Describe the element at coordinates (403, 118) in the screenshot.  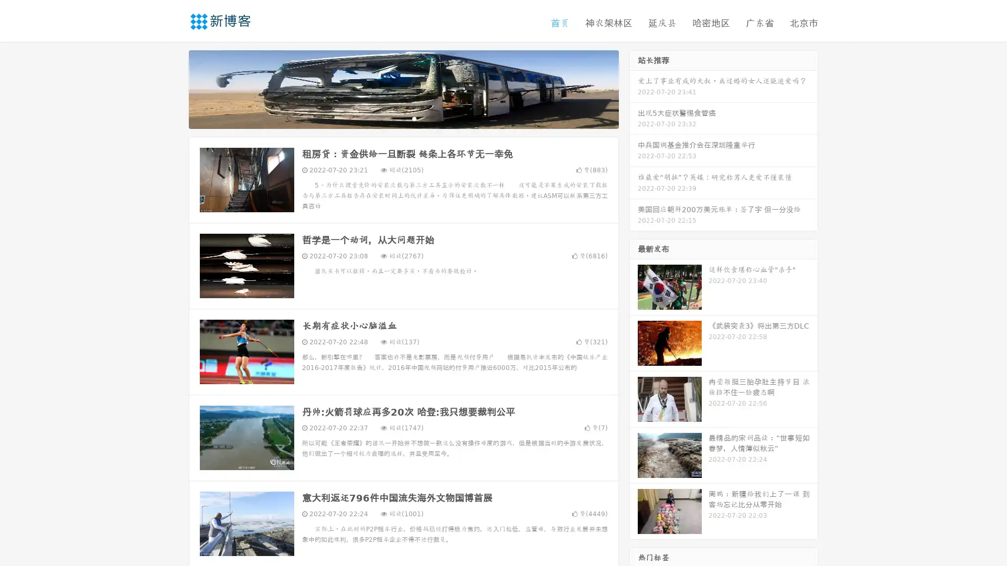
I see `Go to slide 2` at that location.